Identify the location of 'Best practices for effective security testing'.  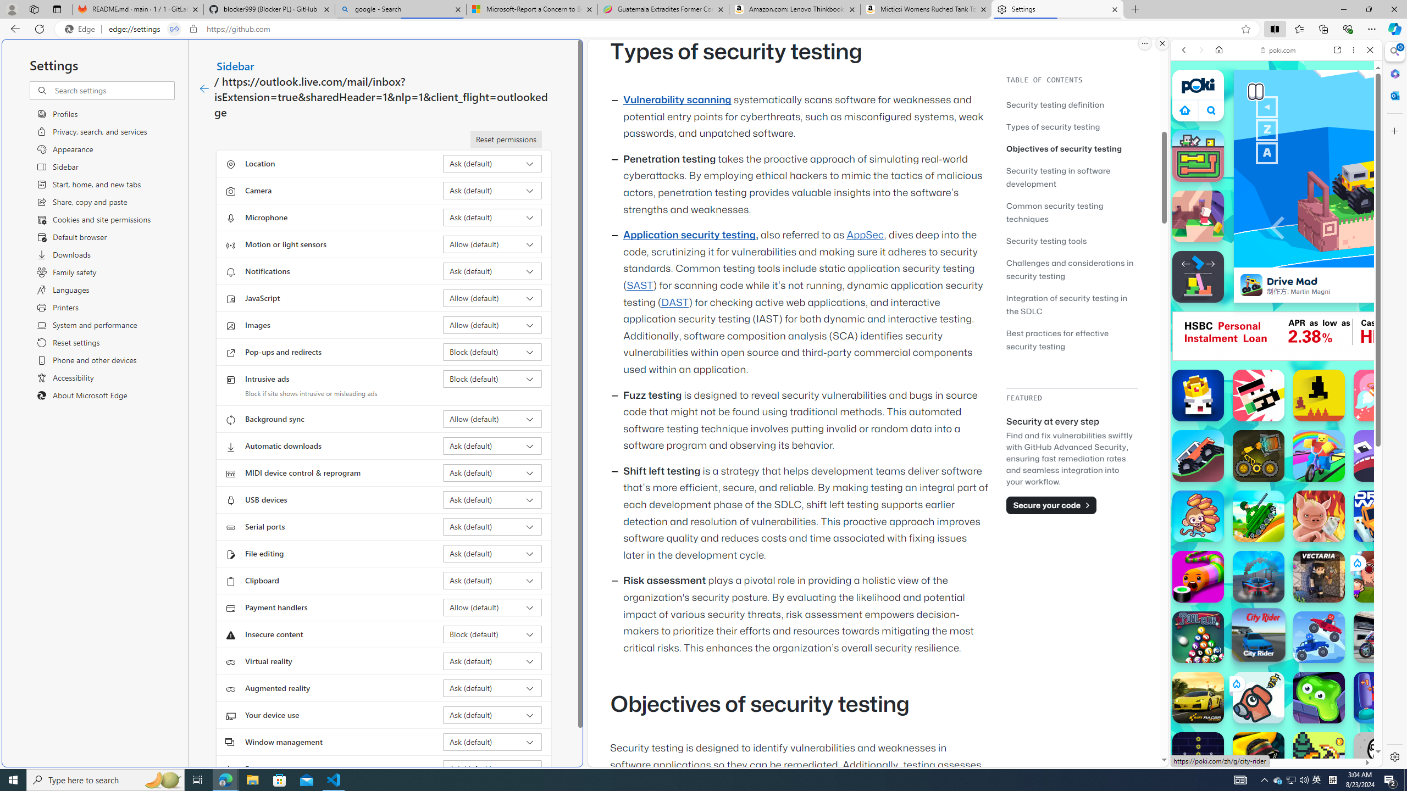
(1057, 339).